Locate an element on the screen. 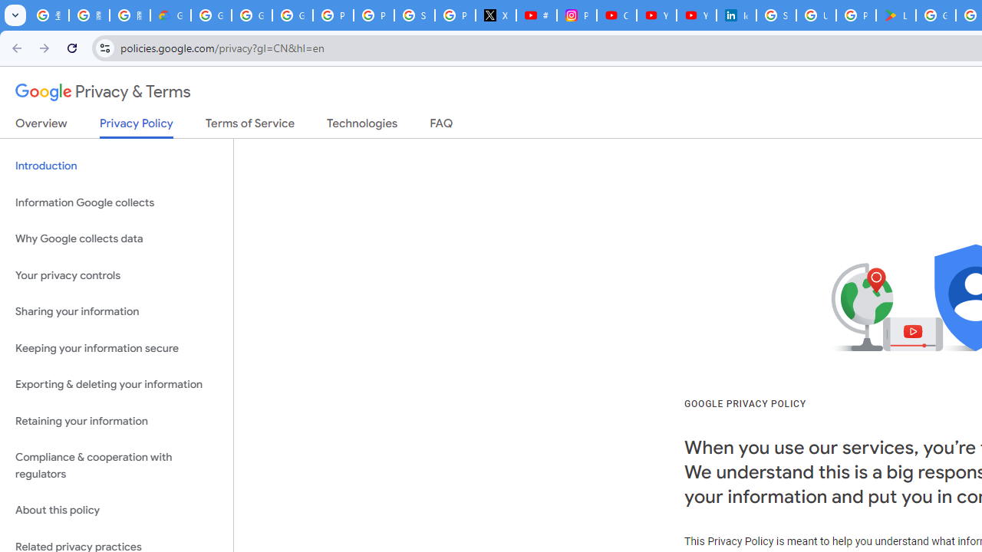 The height and width of the screenshot is (552, 982). 'Keeping your information secure' is located at coordinates (116, 348).